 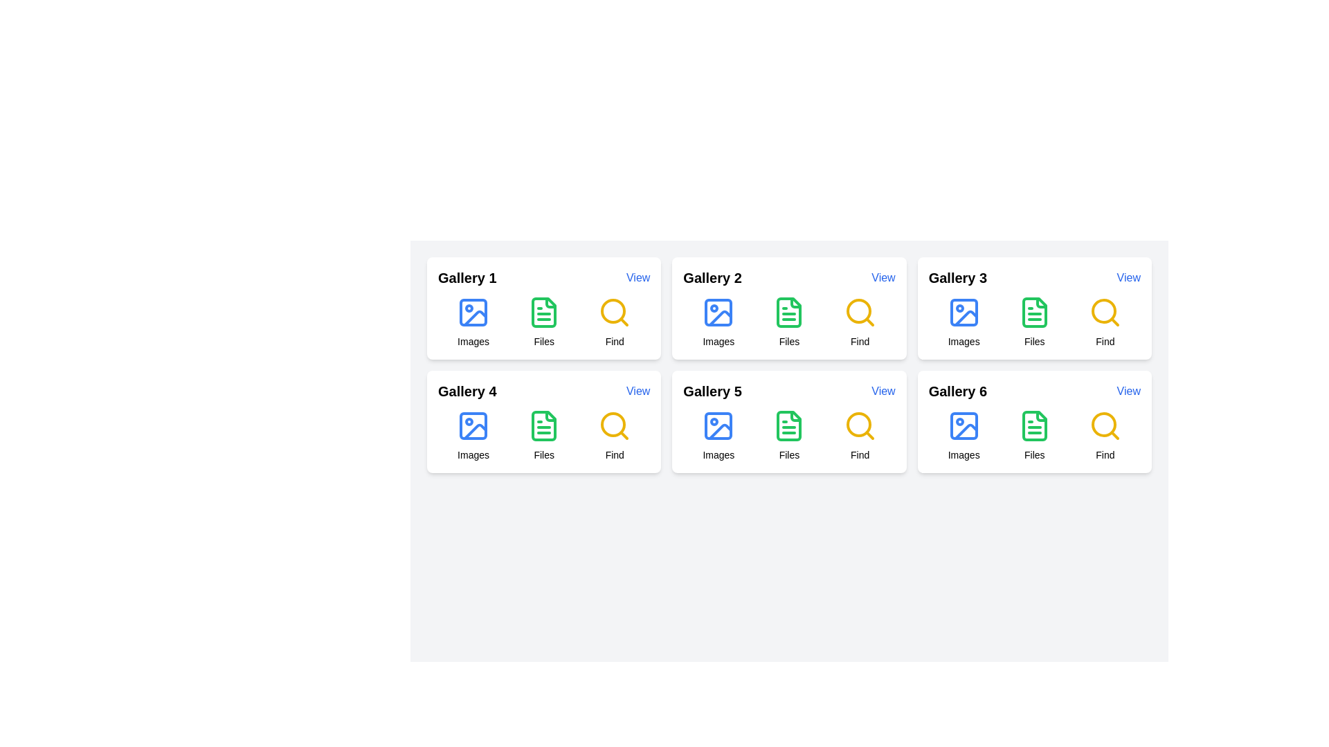 I want to click on the blue outlined pictogram icon with a circular marker in the top left corner, located in the 'Gallery 2' card, so click(x=718, y=312).